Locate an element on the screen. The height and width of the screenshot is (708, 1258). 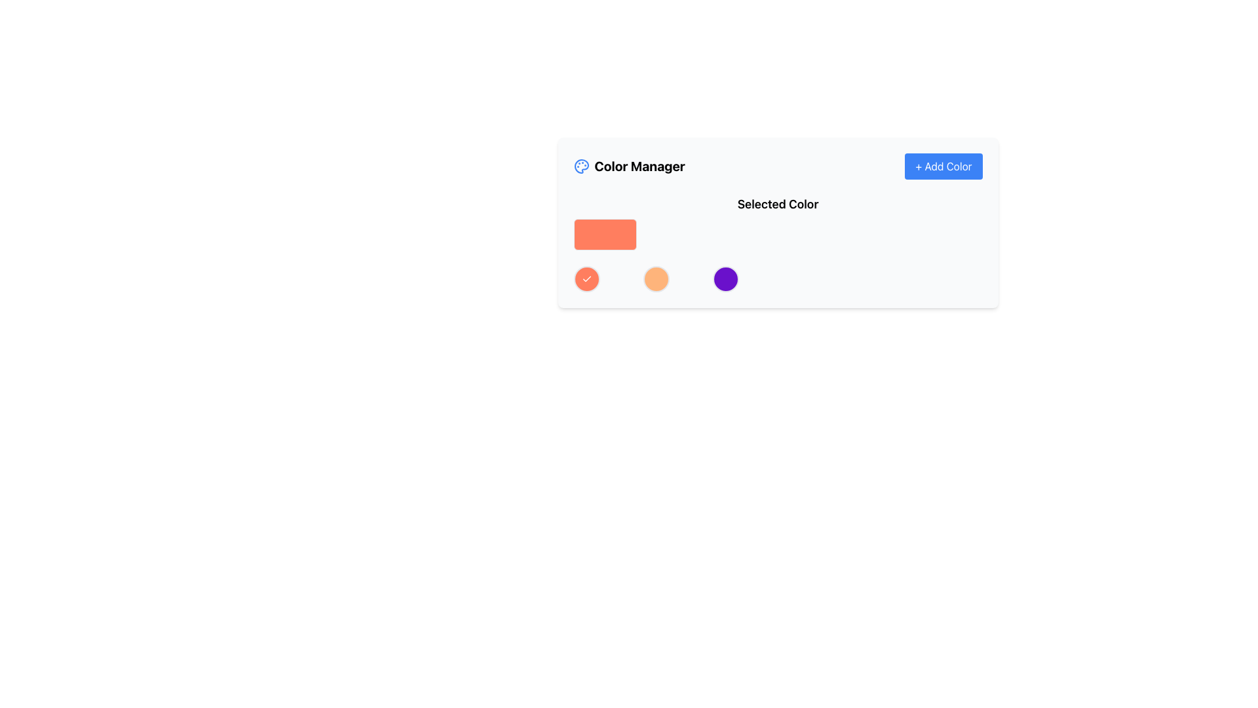
the 'Selected Color' label, which is displayed in large, bold font above the color preview box, to potentially view tooltips is located at coordinates (778, 205).